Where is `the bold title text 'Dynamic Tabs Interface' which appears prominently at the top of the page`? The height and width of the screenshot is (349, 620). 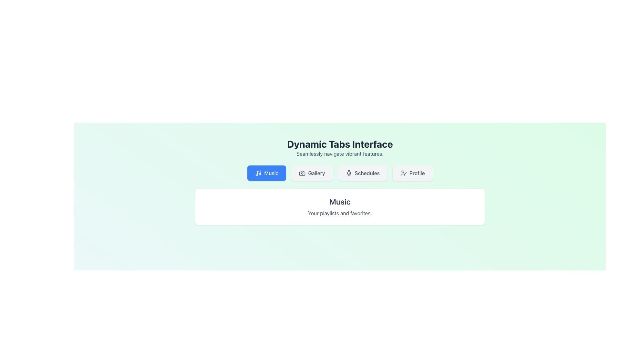 the bold title text 'Dynamic Tabs Interface' which appears prominently at the top of the page is located at coordinates (339, 144).